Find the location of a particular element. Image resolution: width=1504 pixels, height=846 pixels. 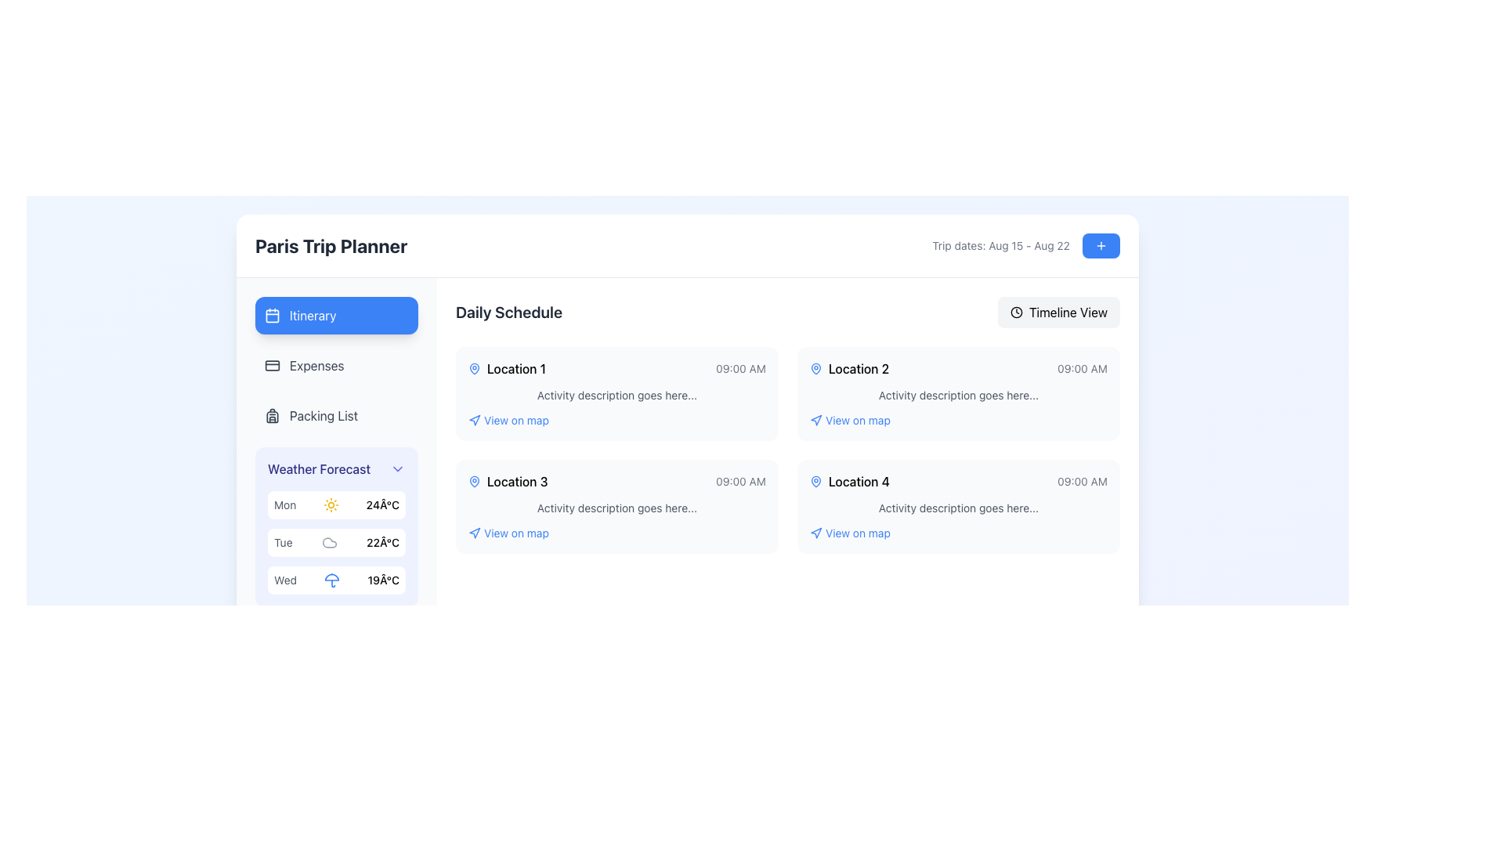

the content of the time indicator text label located in the rightmost column of the 'Location 2' entry in the daily schedule is located at coordinates (1082, 368).